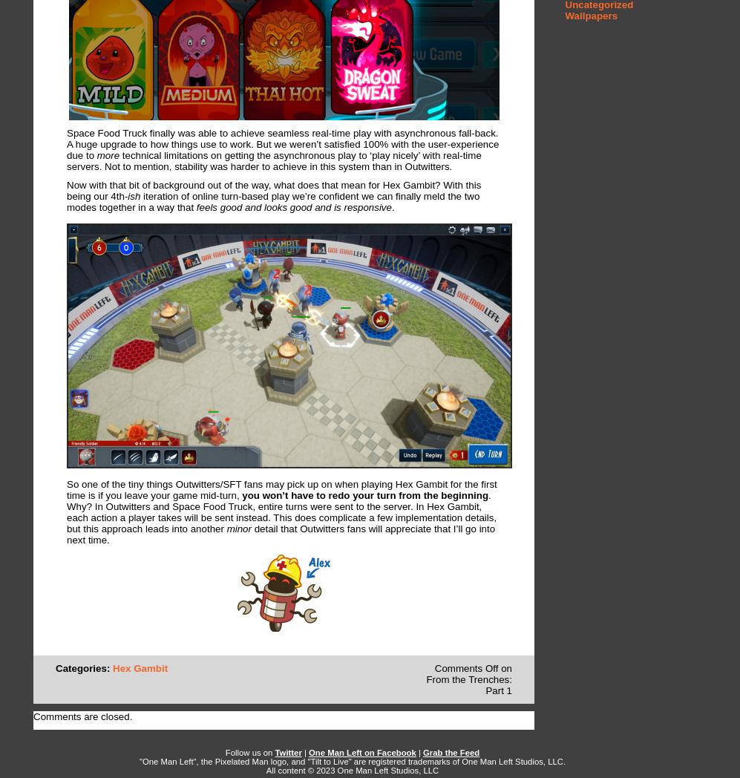 Image resolution: width=740 pixels, height=778 pixels. What do you see at coordinates (107, 154) in the screenshot?
I see `'more'` at bounding box center [107, 154].